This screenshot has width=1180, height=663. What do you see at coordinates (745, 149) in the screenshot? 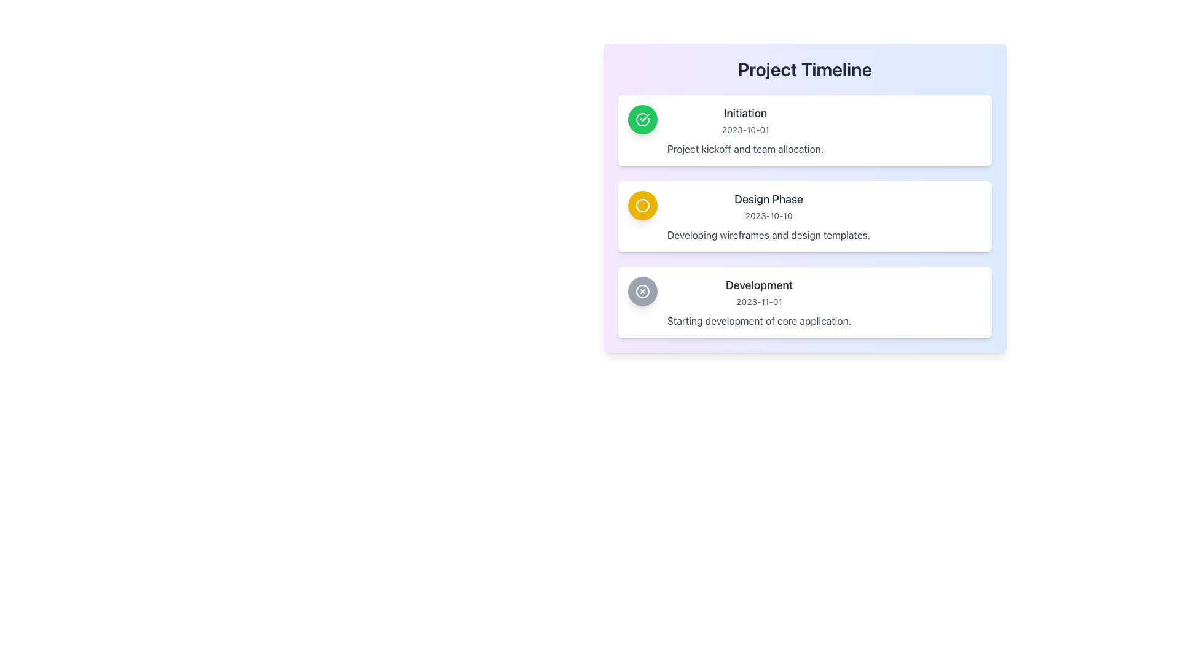
I see `the text label that reads 'Project kickoff and team allocation.' located in the 'Initiation' section, positioned below the date '2023-10-01'` at bounding box center [745, 149].